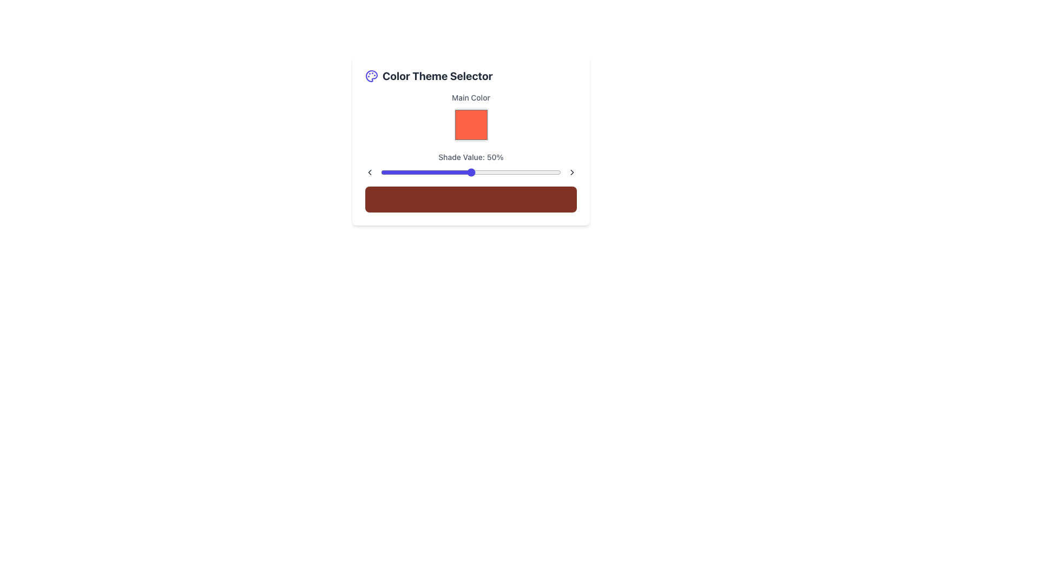 This screenshot has height=584, width=1039. I want to click on the palette icon located in the top-left corner of the 'Color Theme Selector' card interface, which visually represents a circular palette with paint wells, so click(371, 76).